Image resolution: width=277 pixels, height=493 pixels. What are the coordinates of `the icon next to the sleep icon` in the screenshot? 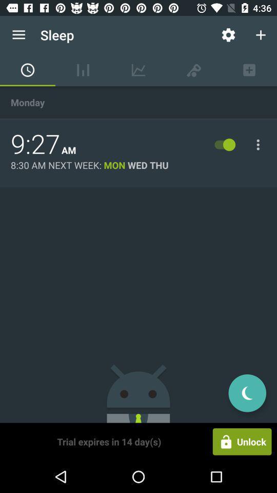 It's located at (228, 35).